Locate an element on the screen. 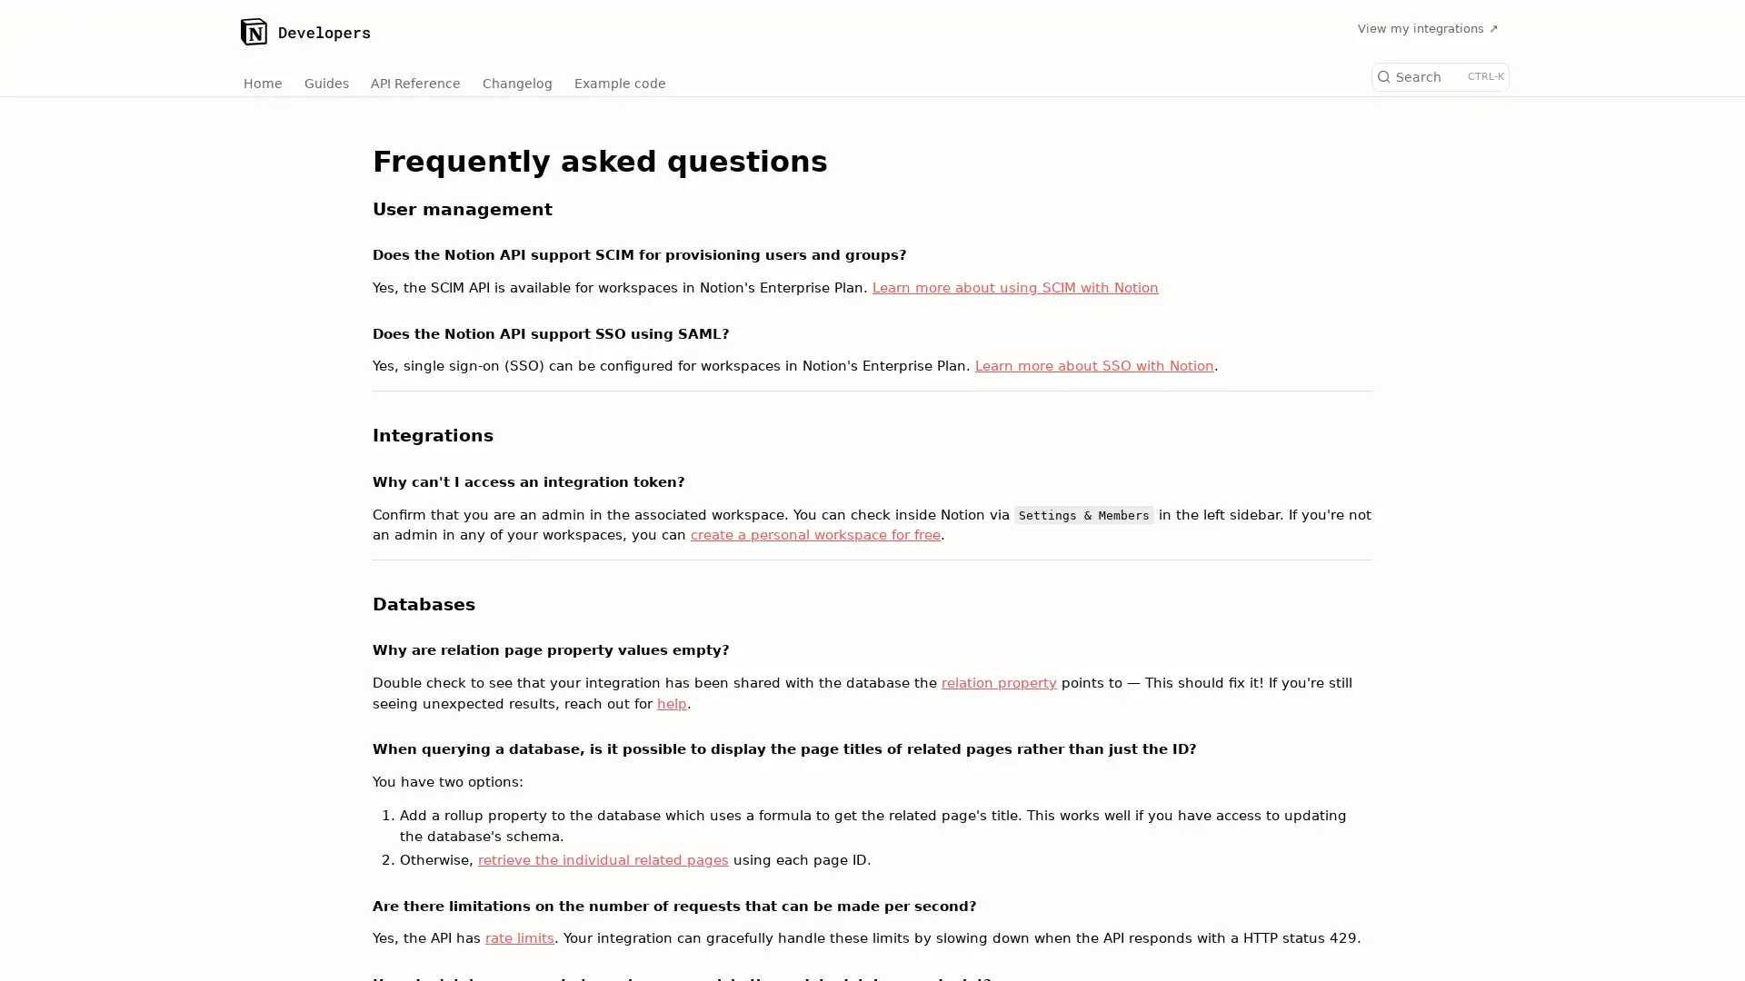  Search is located at coordinates (1439, 75).